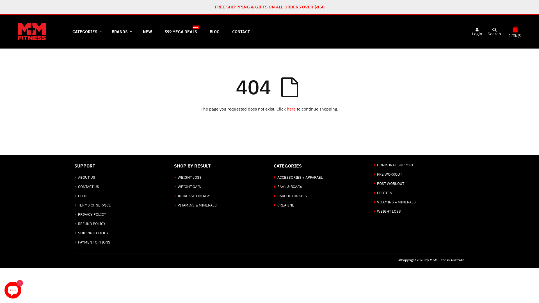 The image size is (539, 303). Describe the element at coordinates (292, 196) in the screenshot. I see `'CARBOHYDRATES'` at that location.